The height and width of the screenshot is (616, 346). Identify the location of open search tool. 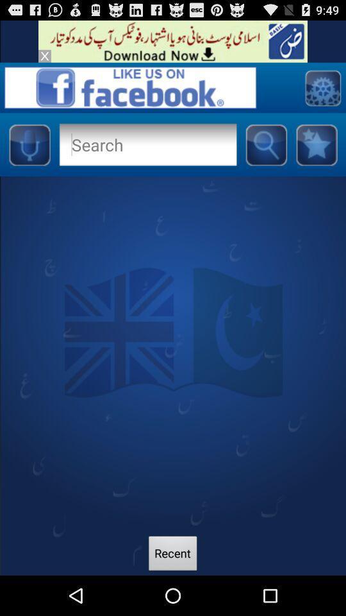
(147, 144).